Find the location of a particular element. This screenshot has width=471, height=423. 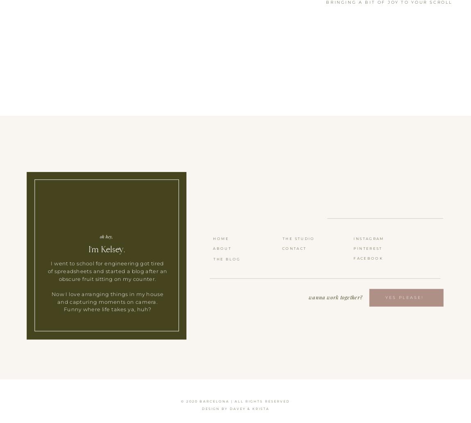

'oh hey,' is located at coordinates (106, 236).